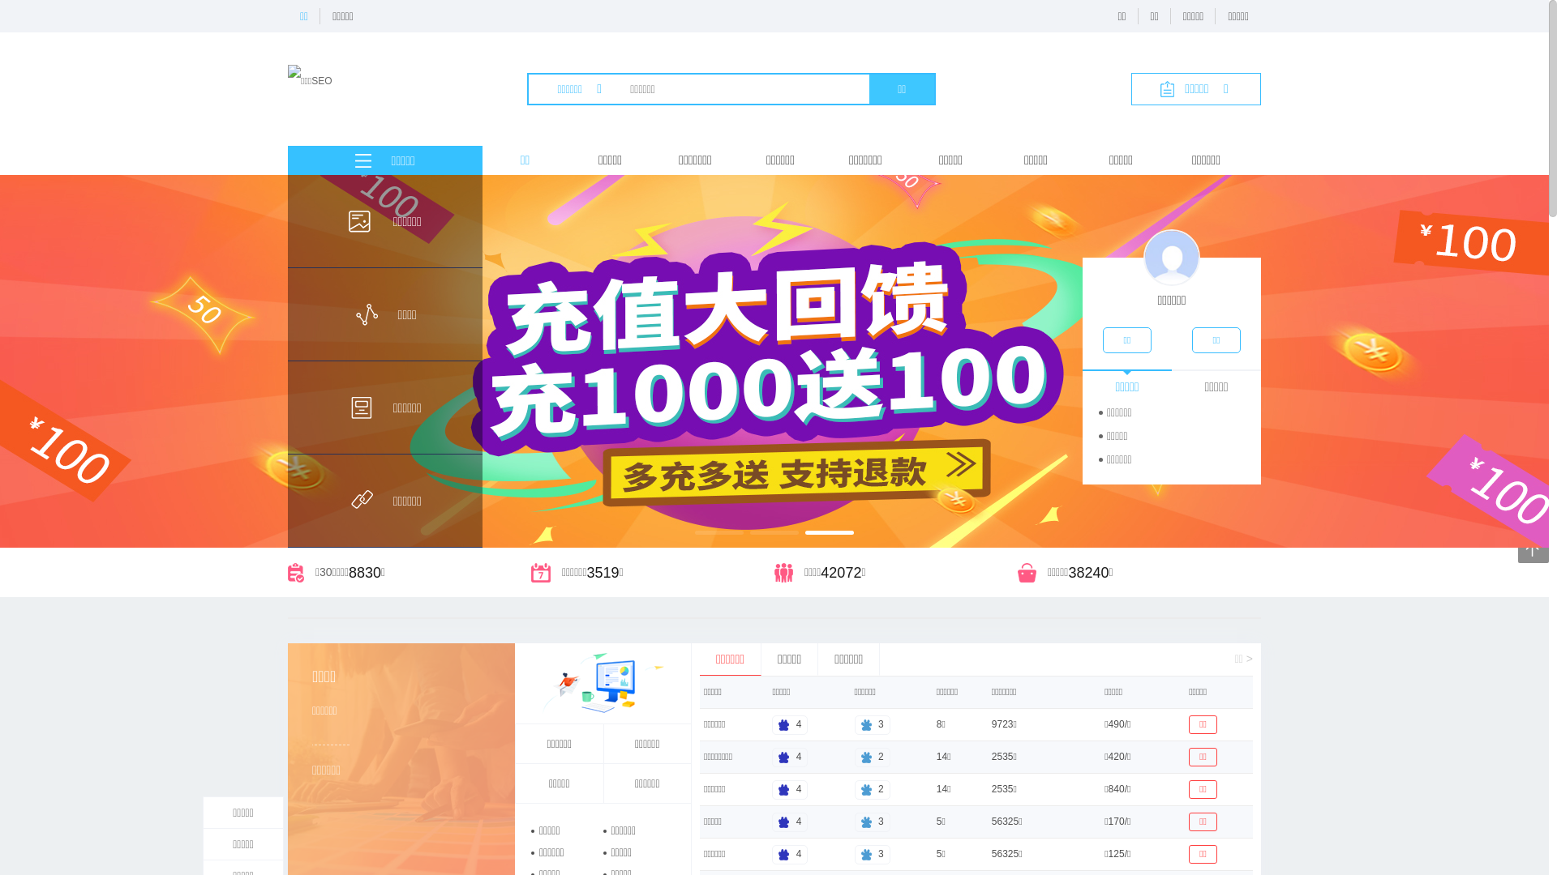 The image size is (1557, 875). Describe the element at coordinates (871, 723) in the screenshot. I see `'3'` at that location.